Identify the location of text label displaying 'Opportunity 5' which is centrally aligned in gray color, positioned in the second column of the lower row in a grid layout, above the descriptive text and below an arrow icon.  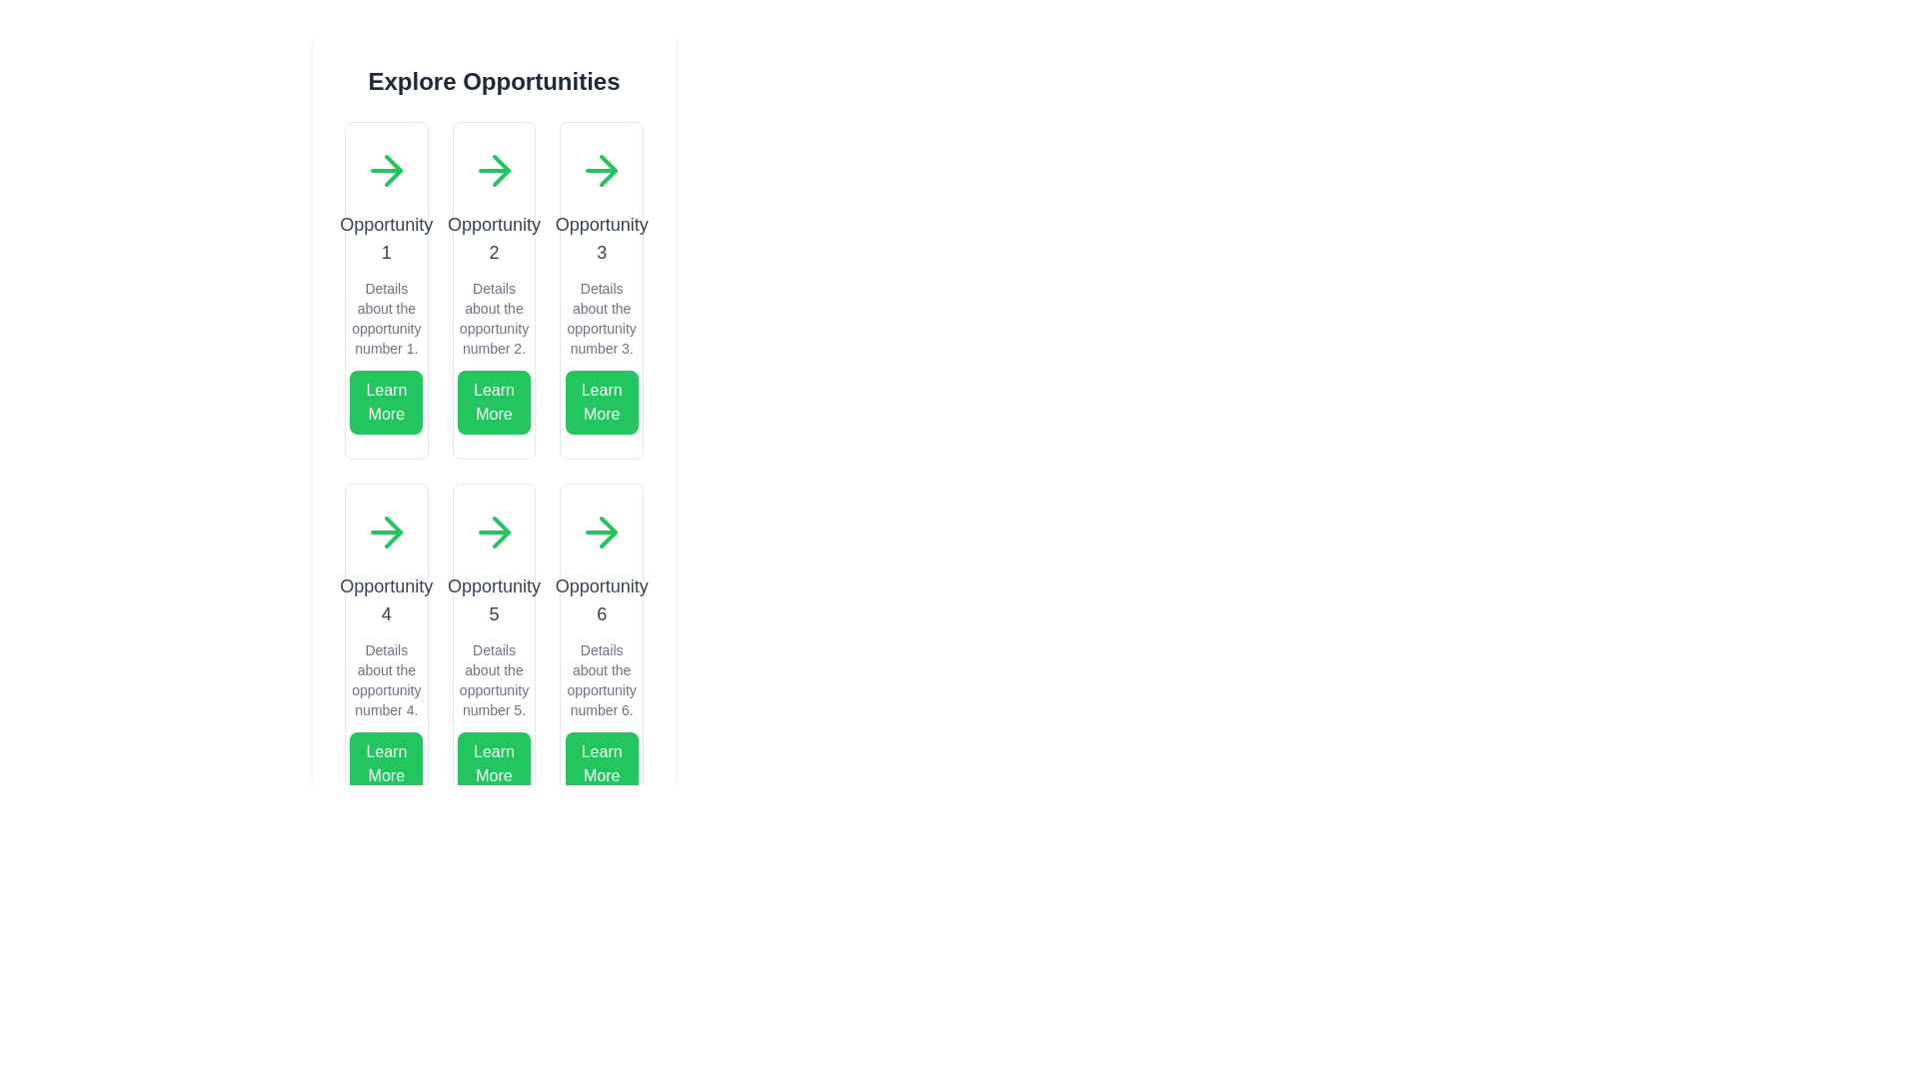
(494, 599).